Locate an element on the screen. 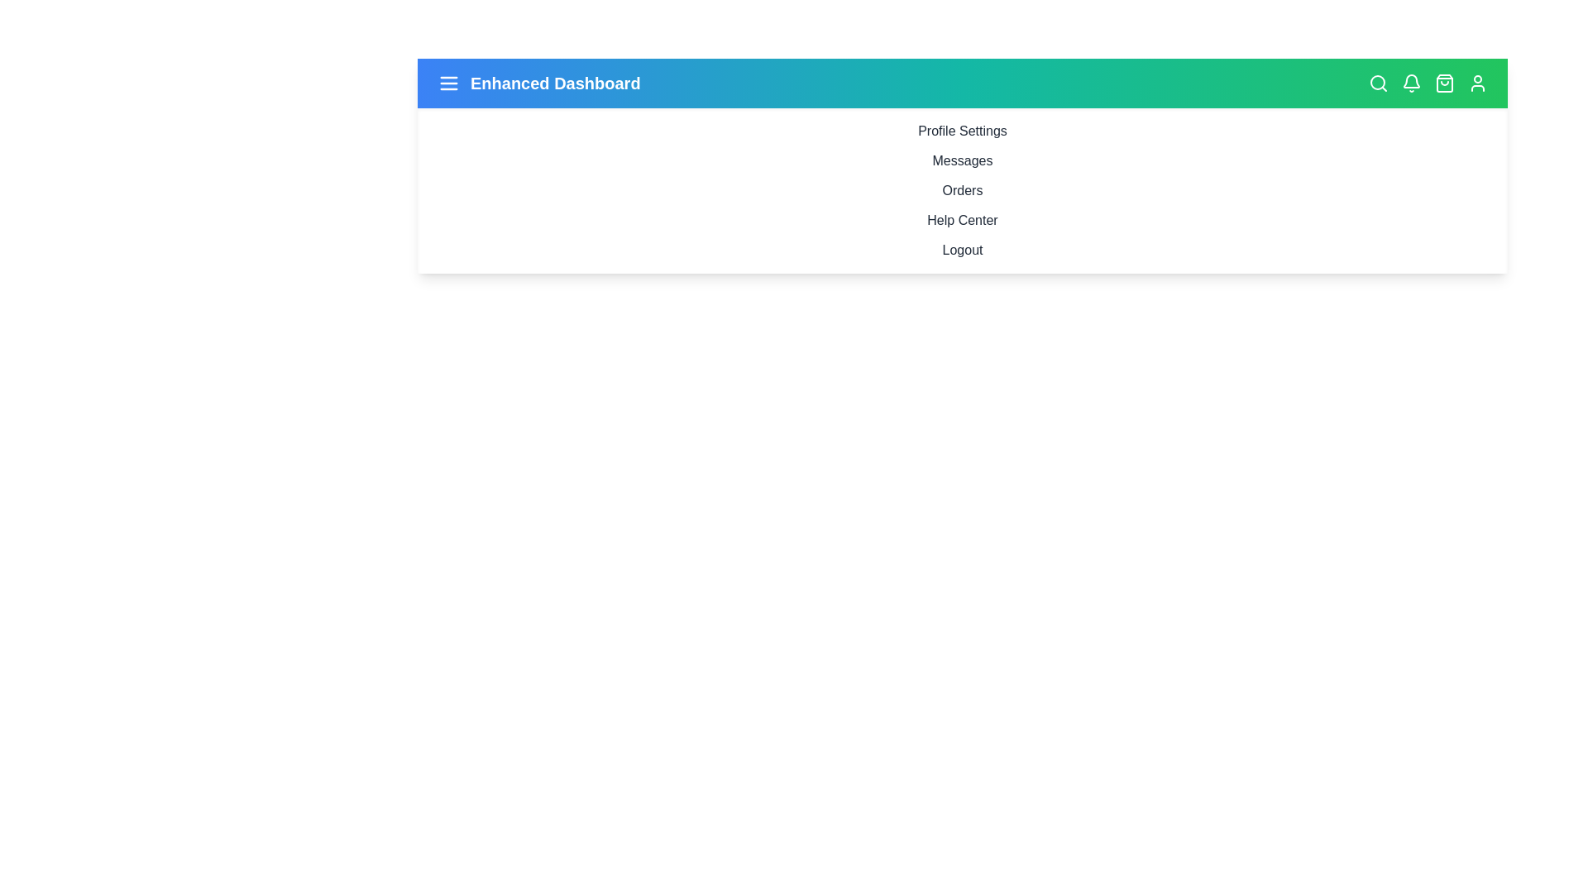  the user icon to display its tooltip or visual feedback is located at coordinates (1477, 83).